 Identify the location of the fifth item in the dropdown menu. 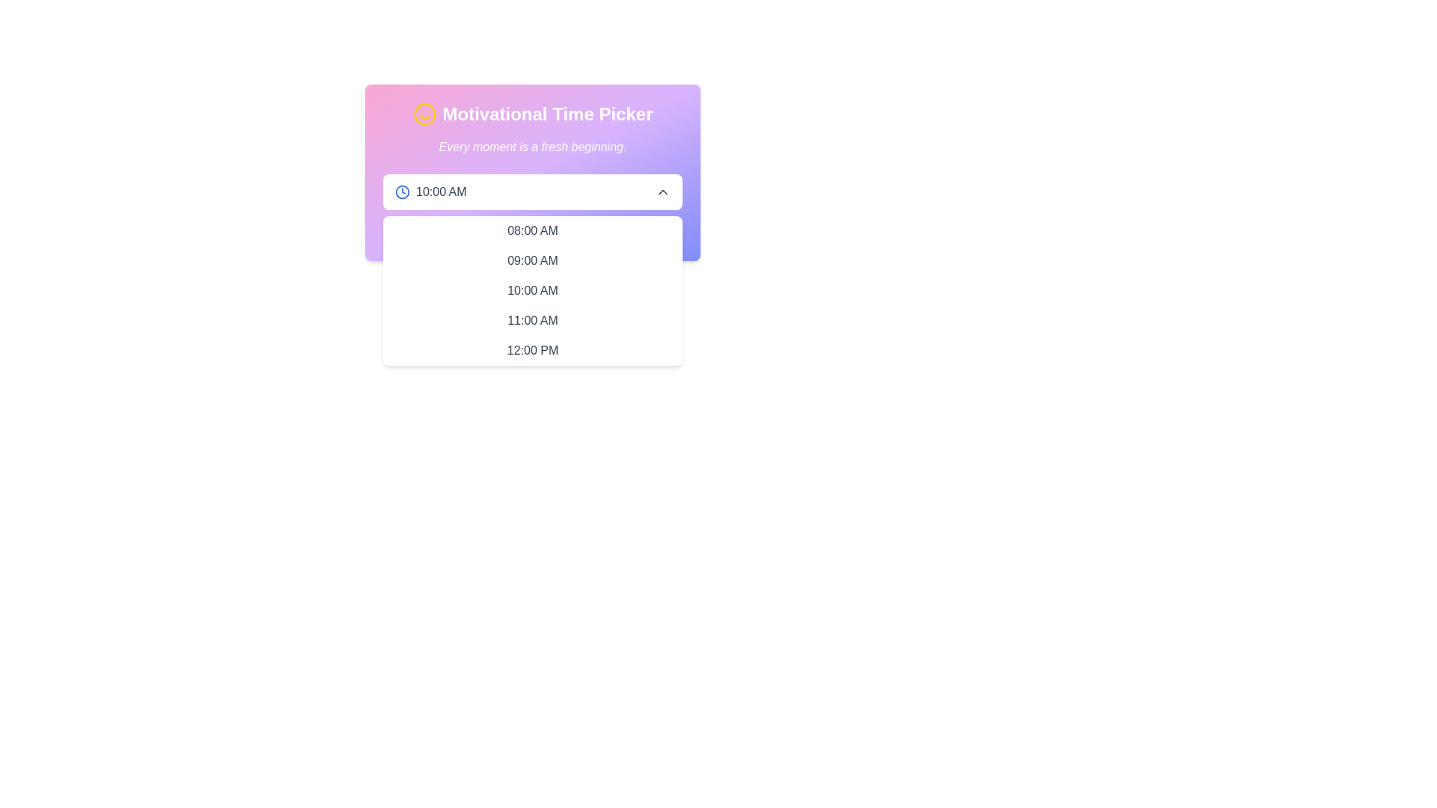
(532, 351).